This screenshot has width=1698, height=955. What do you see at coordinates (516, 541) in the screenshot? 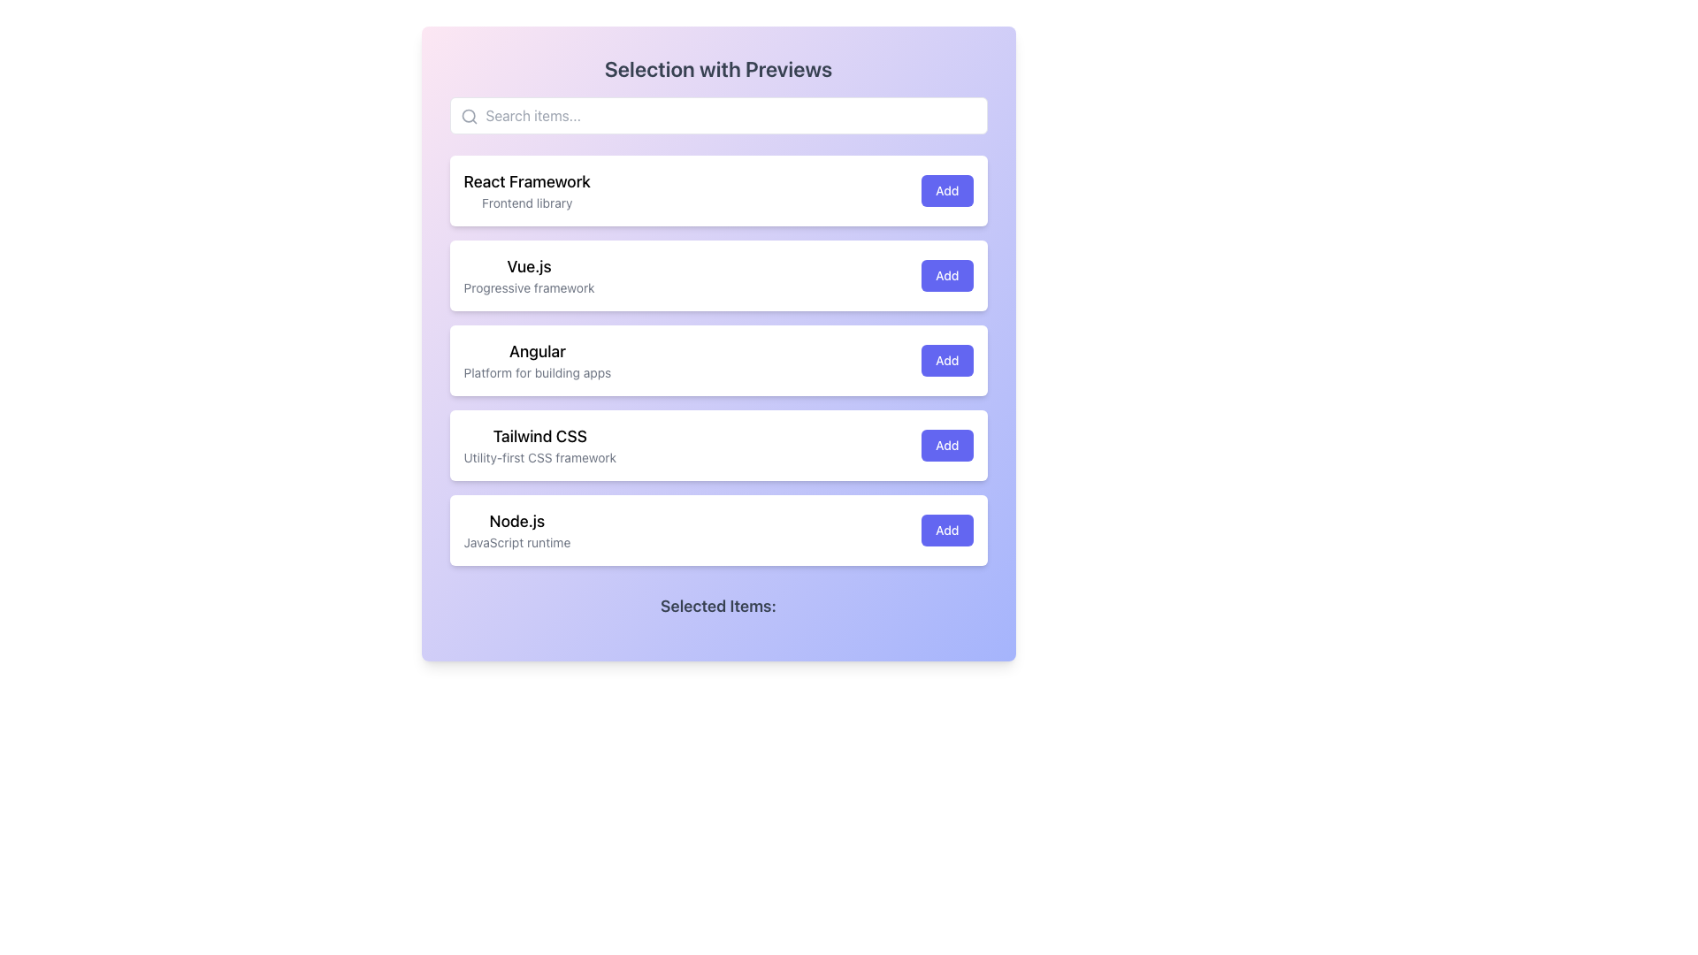
I see `the static descriptive label for 'Node.js' that specifies its role as a 'JavaScript runtime', located directly below the 'Node.js' item` at bounding box center [516, 541].